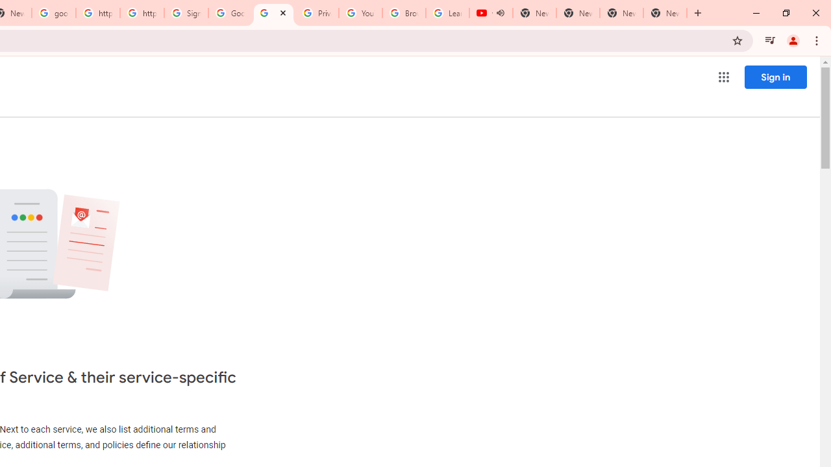 The image size is (831, 467). I want to click on 'New Tab', so click(665, 13).